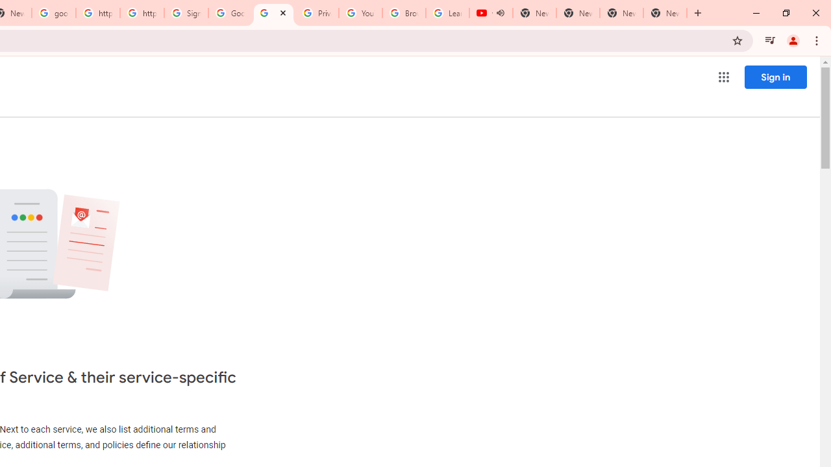 The image size is (831, 467). I want to click on 'New Tab', so click(665, 13).